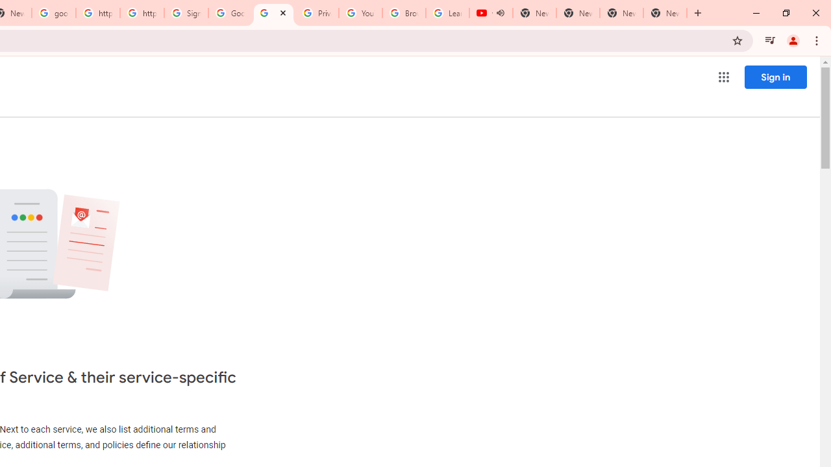 The image size is (831, 467). I want to click on 'New Tab', so click(665, 13).